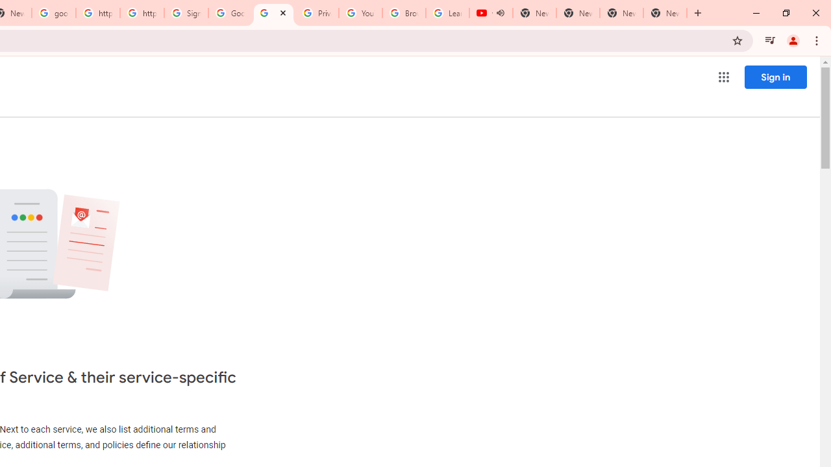 The image size is (831, 467). I want to click on 'New Tab', so click(665, 13).